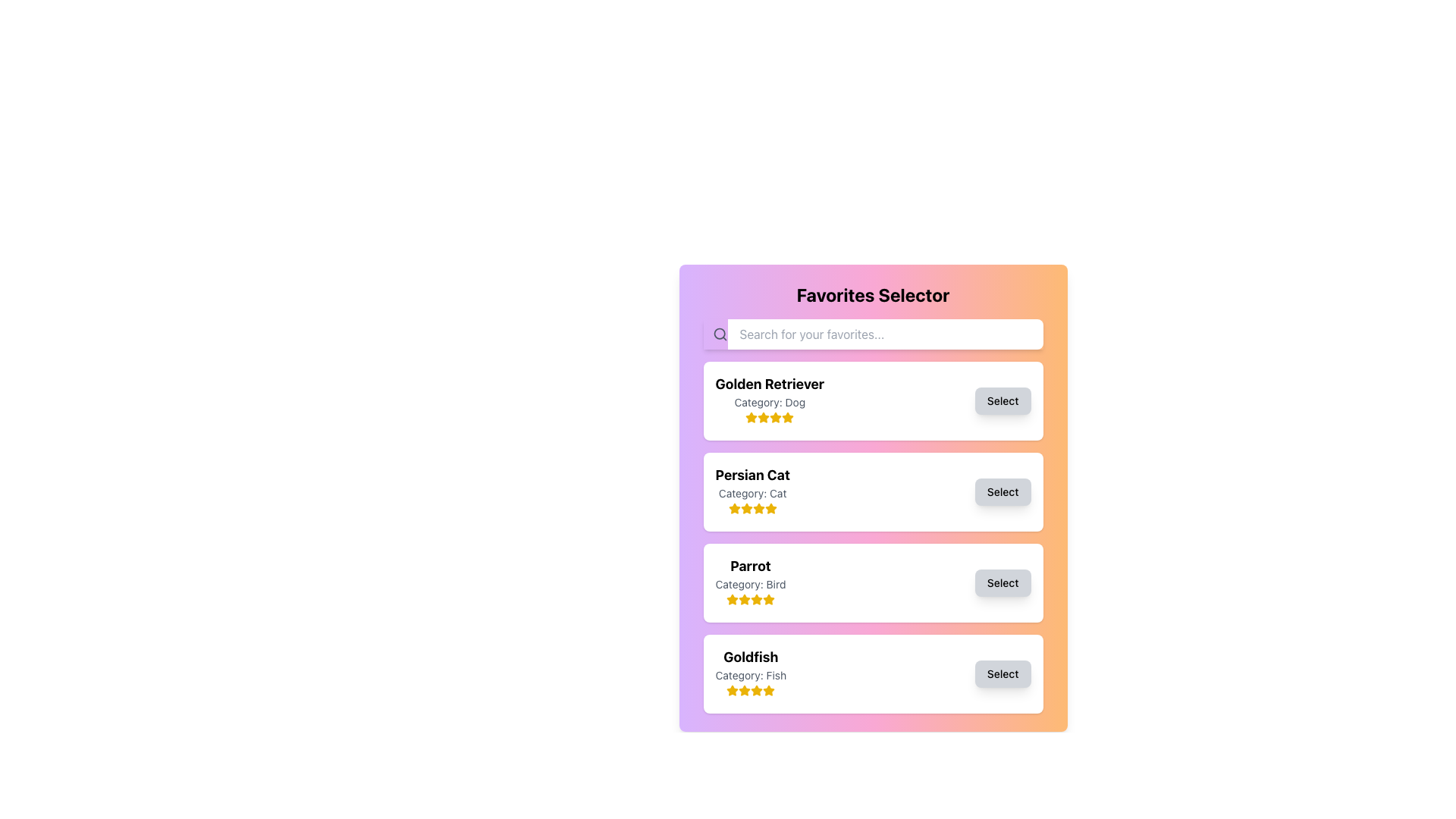 The image size is (1456, 819). Describe the element at coordinates (764, 418) in the screenshot. I see `the third star icon from the left in the group of five stars below 'Golden Retriever' in the favorites list` at that location.